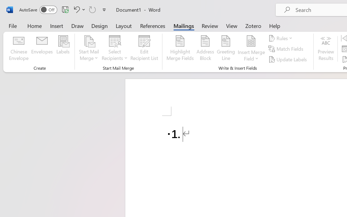 Image resolution: width=347 pixels, height=217 pixels. I want to click on 'Update Labels', so click(288, 59).